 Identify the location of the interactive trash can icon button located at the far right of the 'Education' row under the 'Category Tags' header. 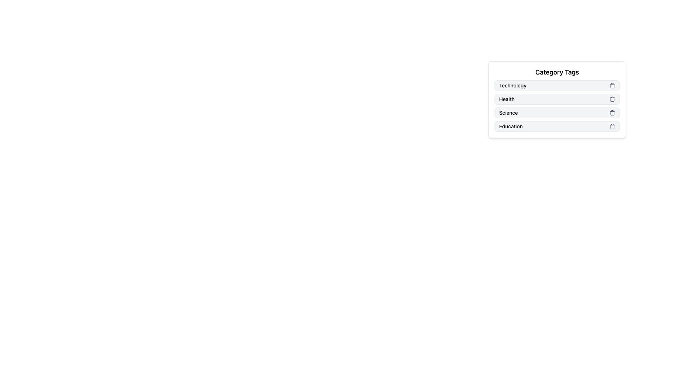
(612, 126).